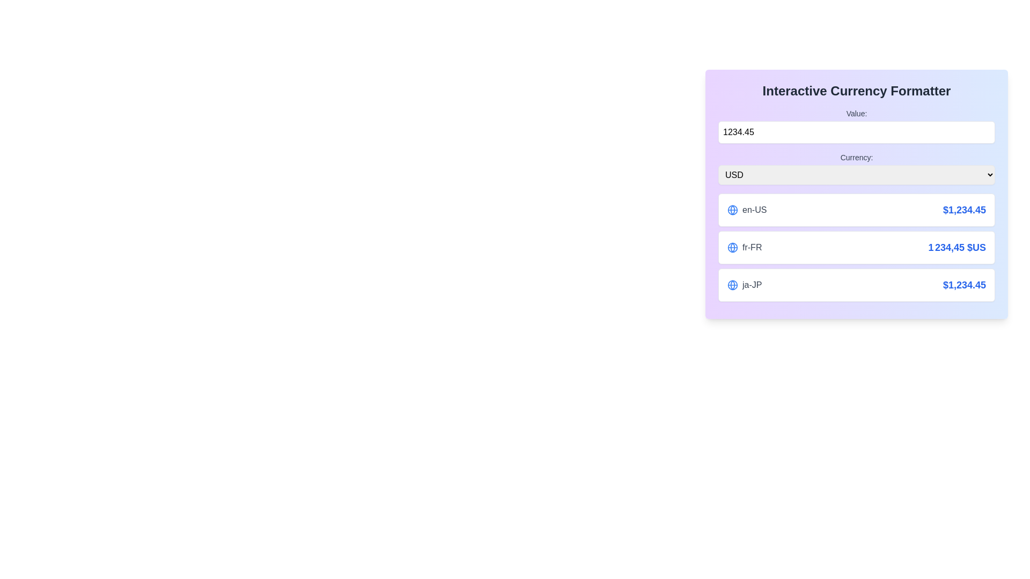 The width and height of the screenshot is (1030, 579). Describe the element at coordinates (744, 248) in the screenshot. I see `the Label indicating the selected language or localization code associated with currency formatting, positioned as the second item in a vertical list` at that location.